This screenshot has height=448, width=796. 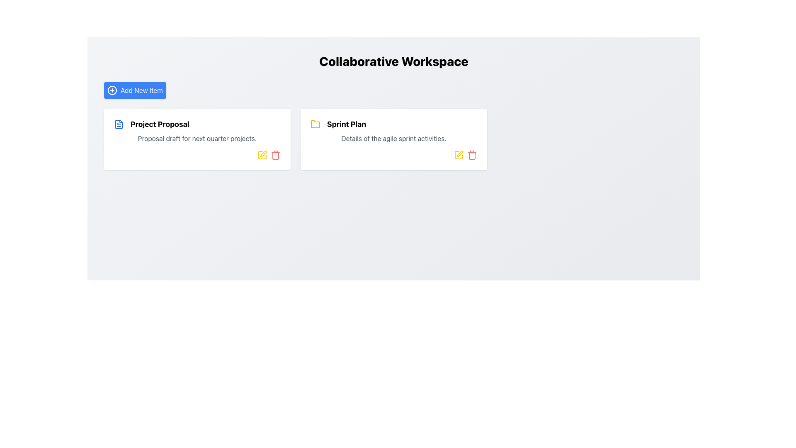 I want to click on the small red trash bin icon located at the bottom right of the 'Project Proposal' card, so click(x=276, y=155).